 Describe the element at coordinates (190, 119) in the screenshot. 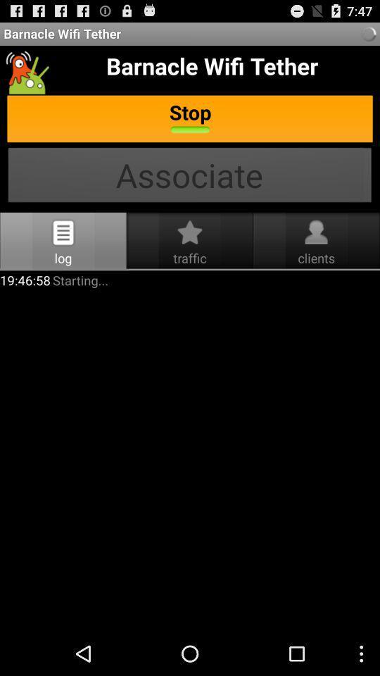

I see `text stop` at that location.